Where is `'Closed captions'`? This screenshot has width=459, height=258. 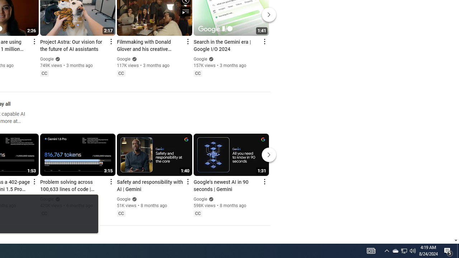 'Closed captions' is located at coordinates (198, 213).